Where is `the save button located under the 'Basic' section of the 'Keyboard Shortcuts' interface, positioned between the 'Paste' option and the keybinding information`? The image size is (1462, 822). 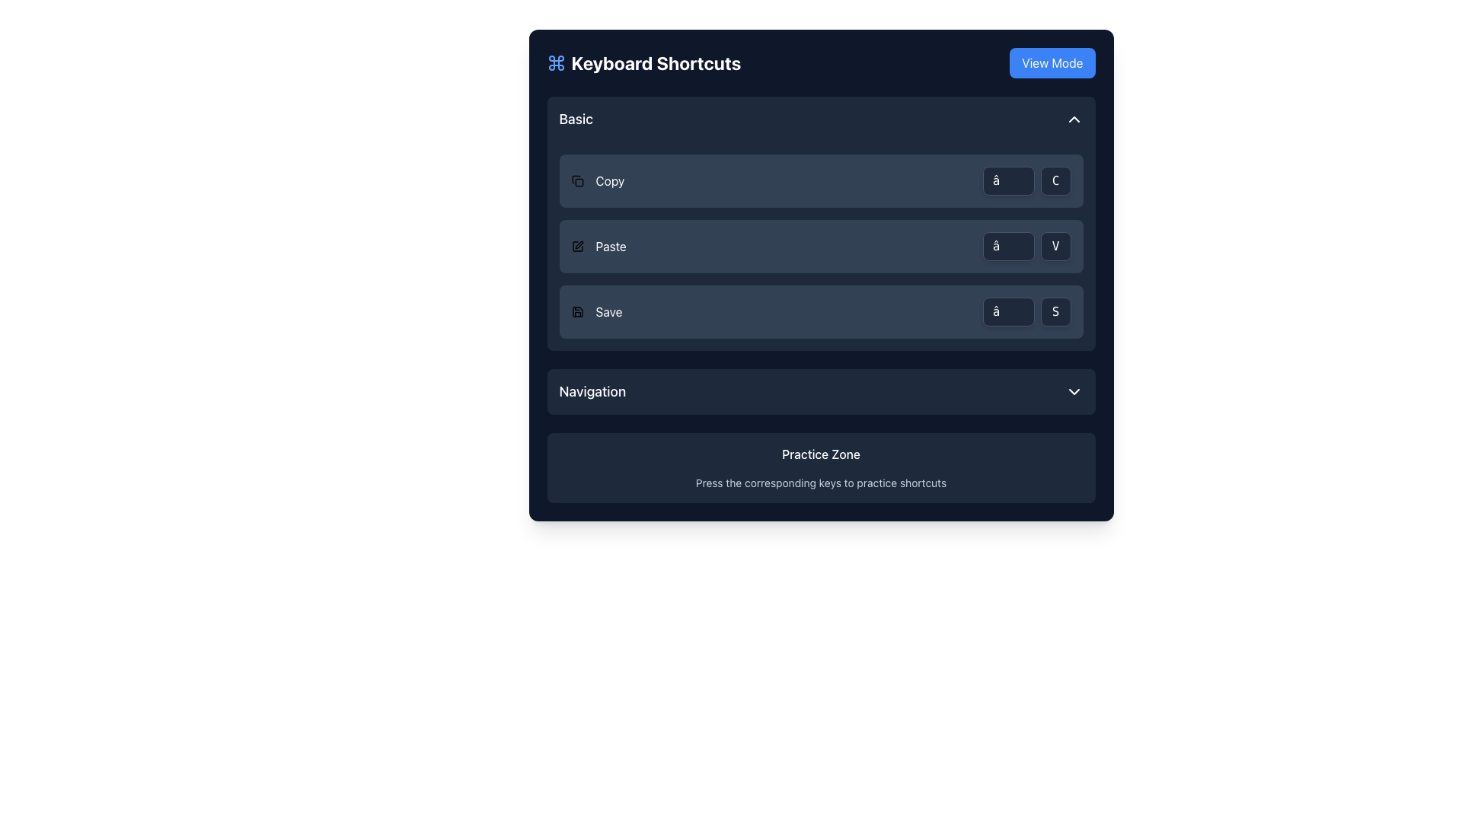 the save button located under the 'Basic' section of the 'Keyboard Shortcuts' interface, positioned between the 'Paste' option and the keybinding information is located at coordinates (595, 311).